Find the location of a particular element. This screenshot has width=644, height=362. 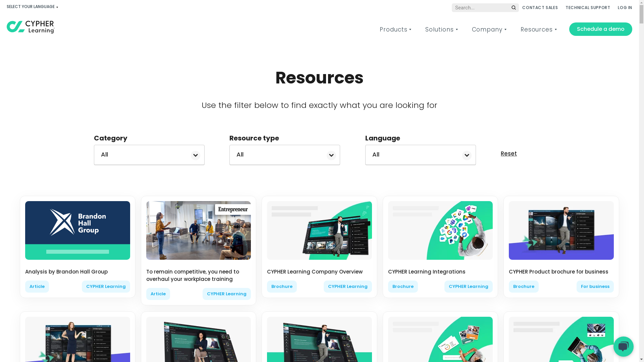

'Show submenu for Solutions' is located at coordinates (456, 29).